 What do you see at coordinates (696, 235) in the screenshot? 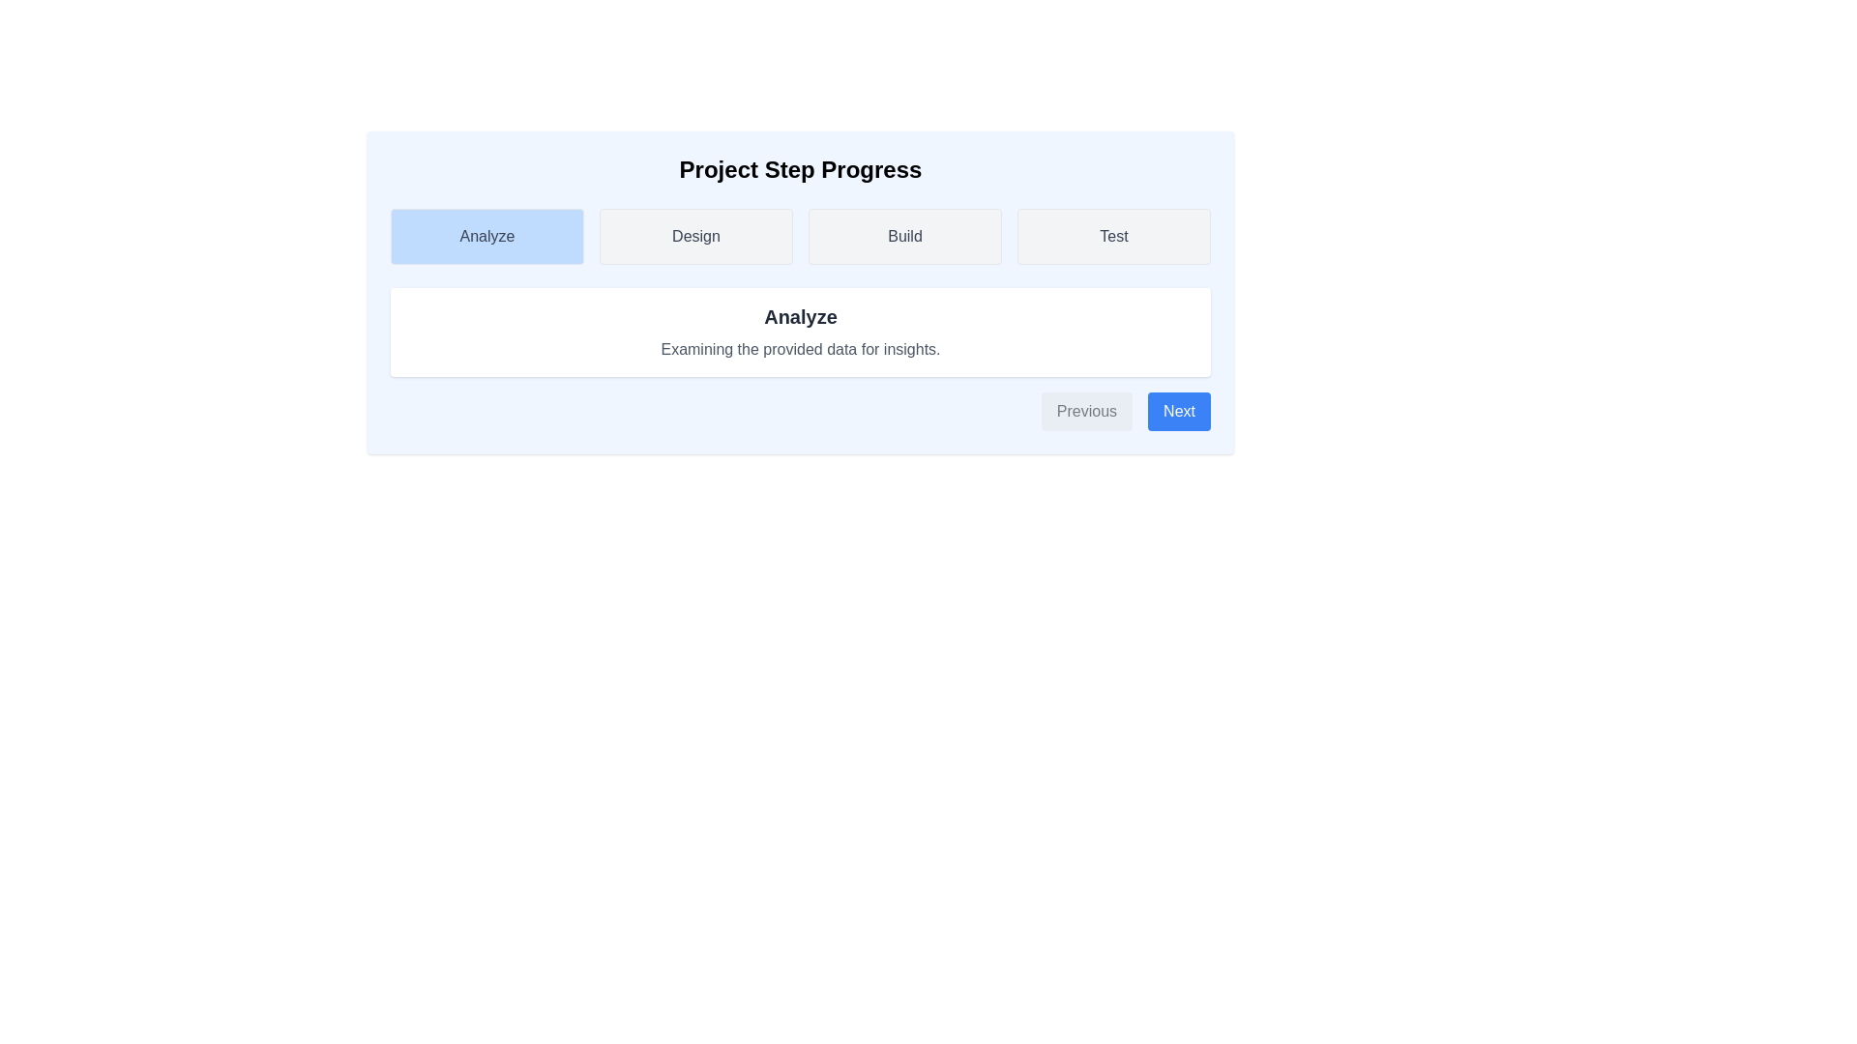
I see `text of the 'Design' label located in the center of the rounded rectangular button, which is the second item in the horizontal list of step buttons under 'Project Step Progress'` at bounding box center [696, 235].